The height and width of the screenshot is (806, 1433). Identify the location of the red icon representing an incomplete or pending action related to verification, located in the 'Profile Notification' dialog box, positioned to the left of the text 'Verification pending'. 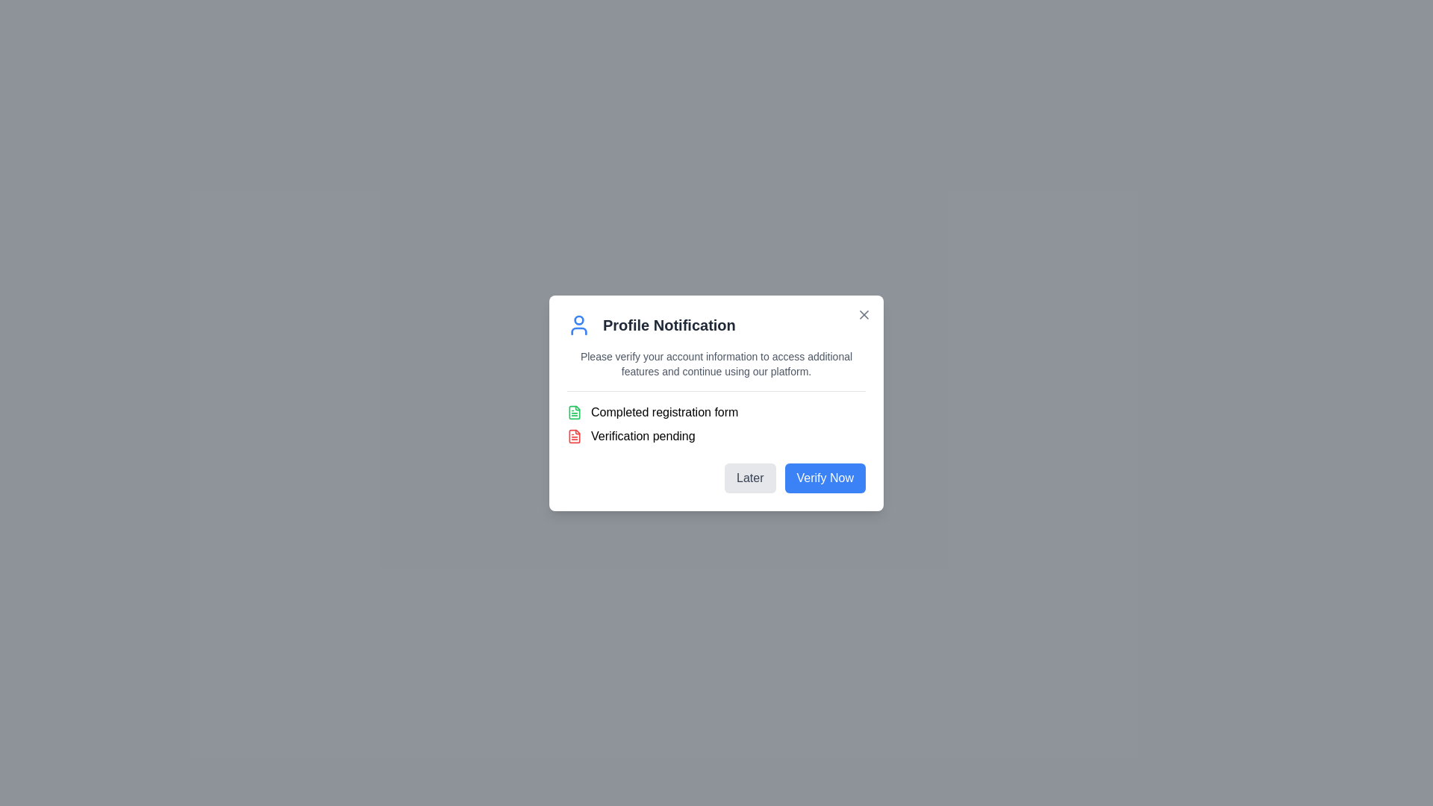
(573, 436).